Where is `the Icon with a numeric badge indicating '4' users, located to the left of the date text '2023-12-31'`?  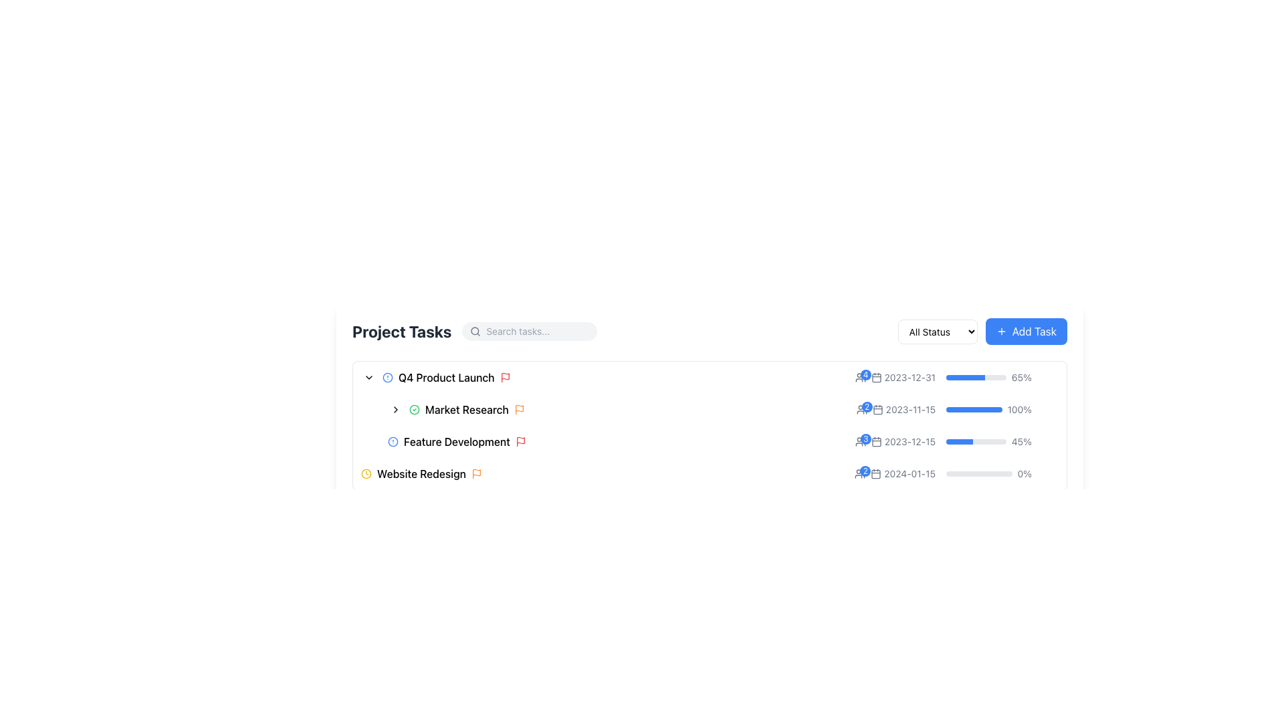
the Icon with a numeric badge indicating '4' users, located to the left of the date text '2023-12-31' is located at coordinates (860, 377).